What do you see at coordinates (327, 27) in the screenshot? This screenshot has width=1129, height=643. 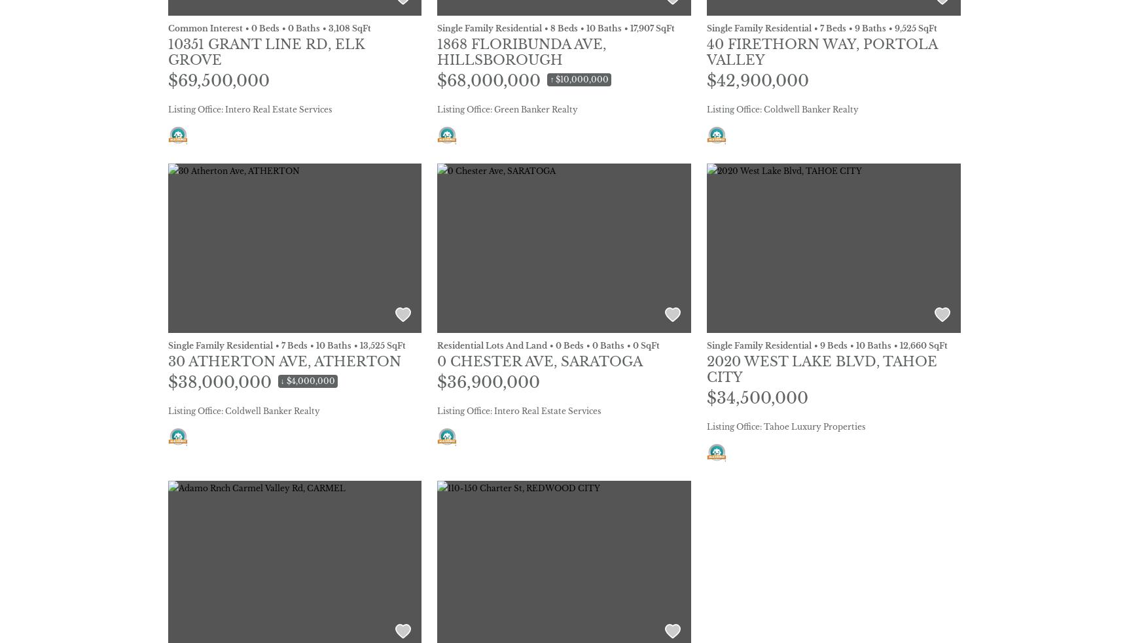 I see `'3,108
                SqFt'` at bounding box center [327, 27].